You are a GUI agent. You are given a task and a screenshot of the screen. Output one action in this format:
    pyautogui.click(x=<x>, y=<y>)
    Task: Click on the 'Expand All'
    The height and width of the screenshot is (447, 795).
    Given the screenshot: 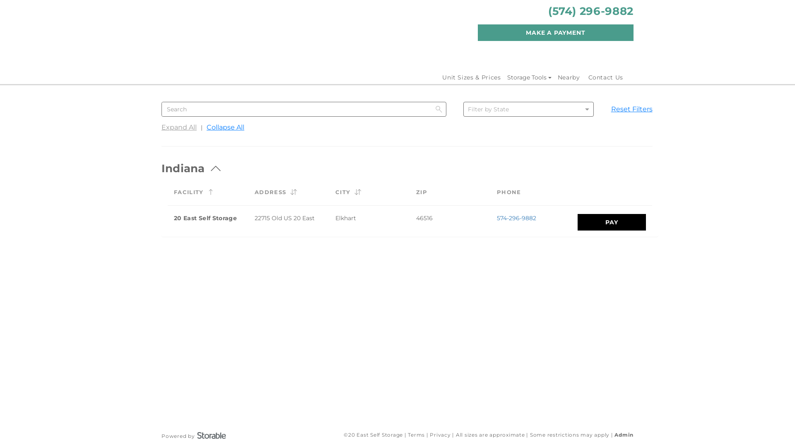 What is the action you would take?
    pyautogui.click(x=178, y=130)
    